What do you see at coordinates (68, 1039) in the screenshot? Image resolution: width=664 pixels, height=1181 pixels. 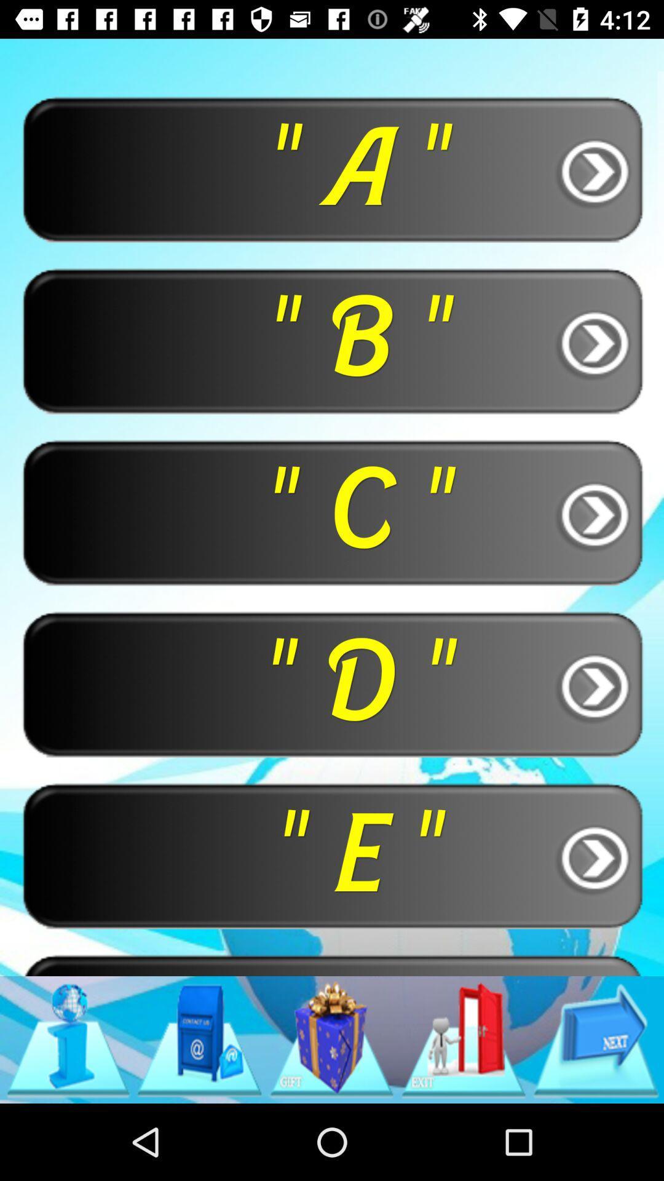 I see `open information` at bounding box center [68, 1039].